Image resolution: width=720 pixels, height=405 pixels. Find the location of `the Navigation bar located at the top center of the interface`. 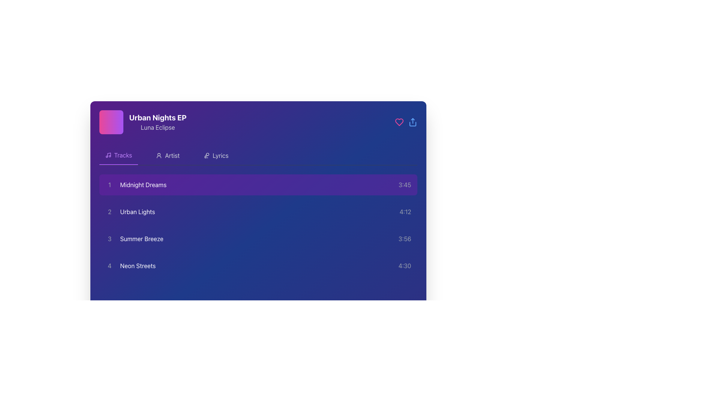

the Navigation bar located at the top center of the interface is located at coordinates (258, 155).